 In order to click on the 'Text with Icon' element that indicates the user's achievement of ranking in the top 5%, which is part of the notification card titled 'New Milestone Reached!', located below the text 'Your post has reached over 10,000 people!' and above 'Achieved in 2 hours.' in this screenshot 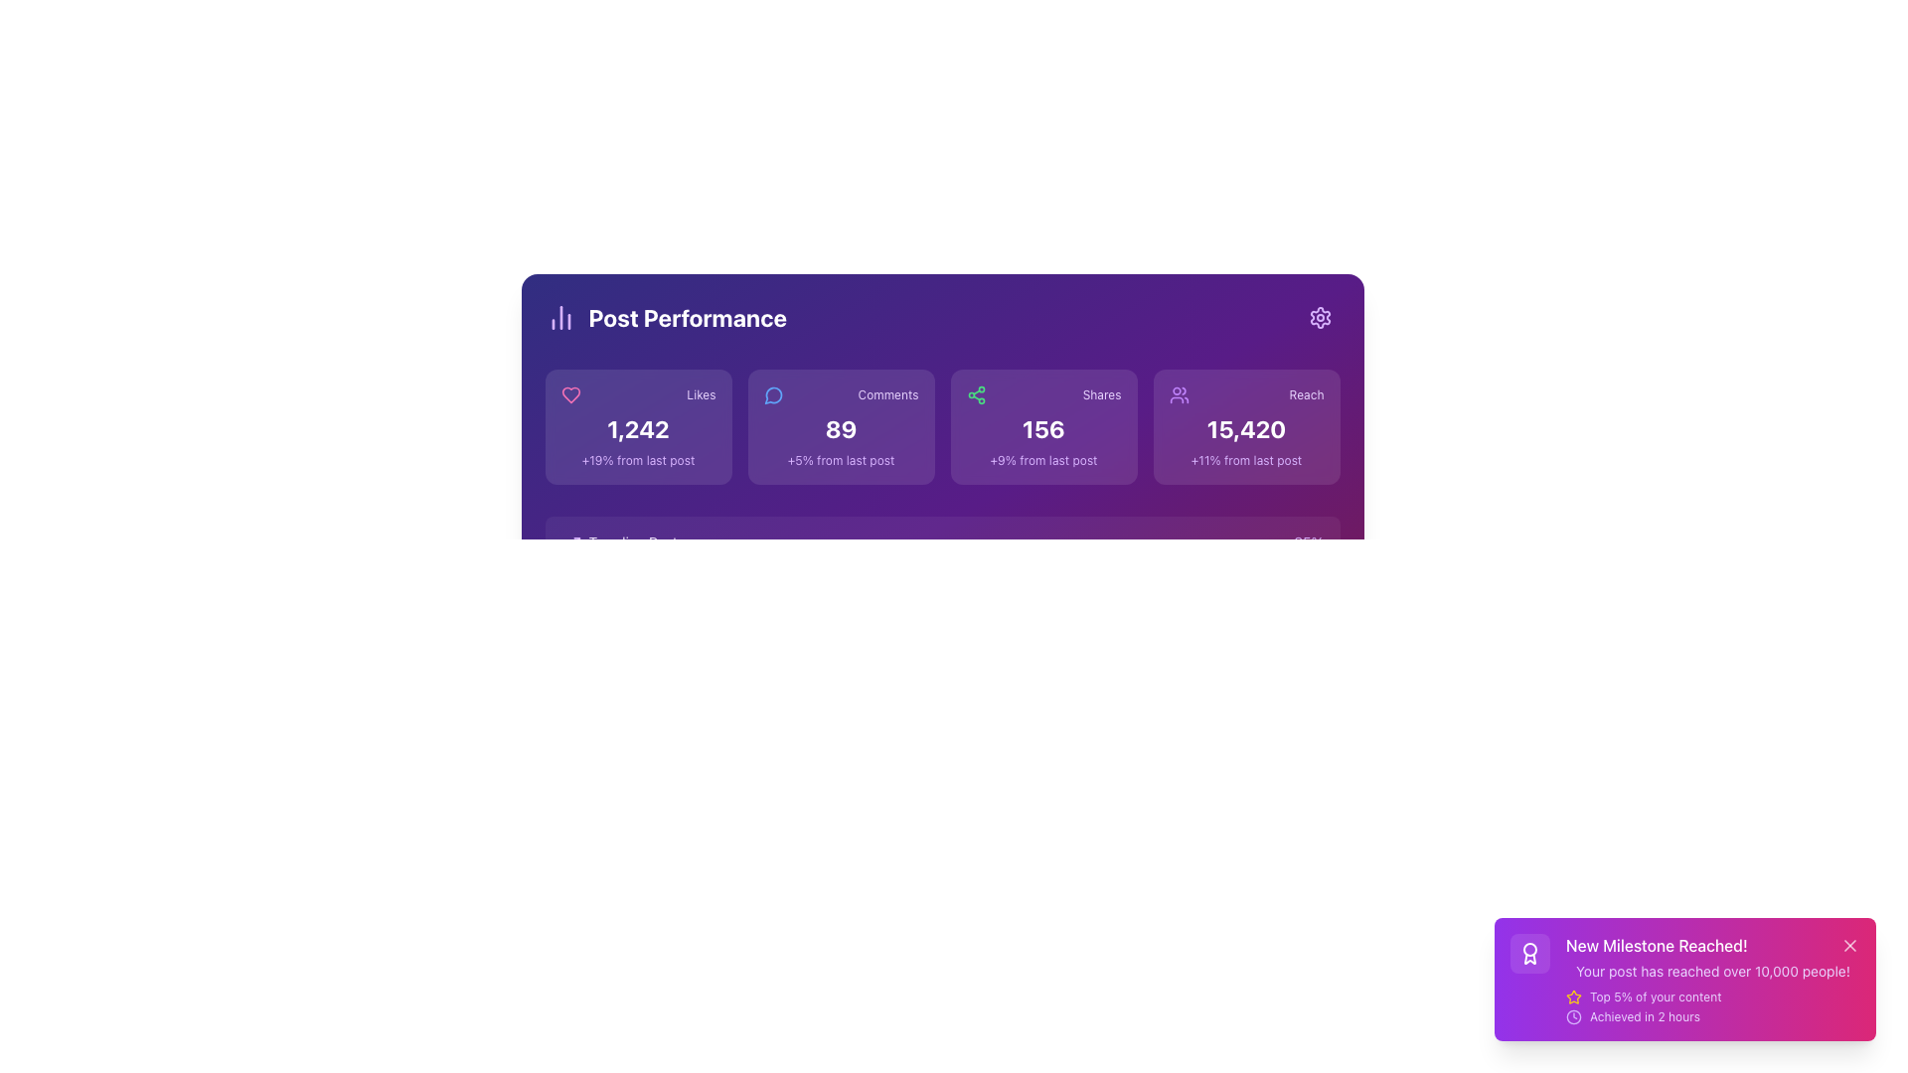, I will do `click(1711, 996)`.